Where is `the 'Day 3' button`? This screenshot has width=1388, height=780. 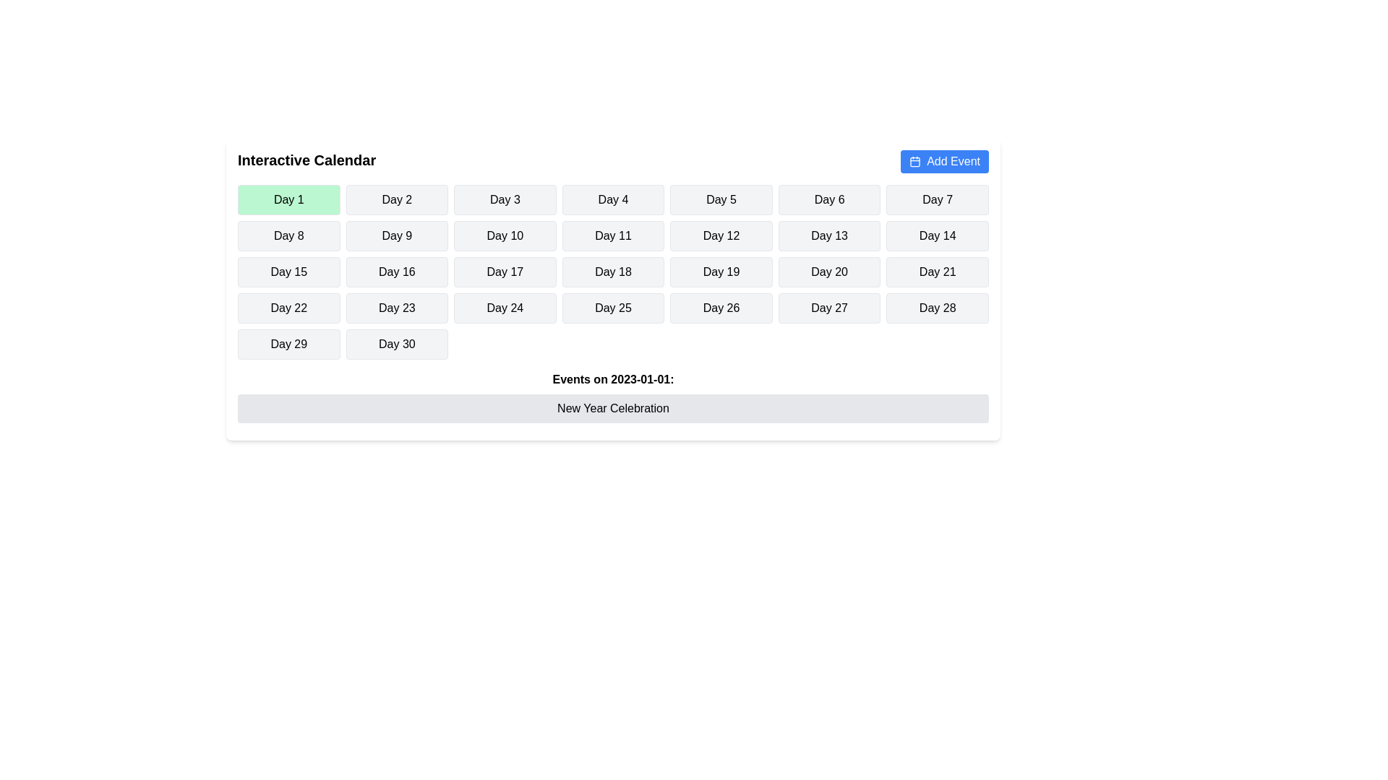 the 'Day 3' button is located at coordinates (505, 200).